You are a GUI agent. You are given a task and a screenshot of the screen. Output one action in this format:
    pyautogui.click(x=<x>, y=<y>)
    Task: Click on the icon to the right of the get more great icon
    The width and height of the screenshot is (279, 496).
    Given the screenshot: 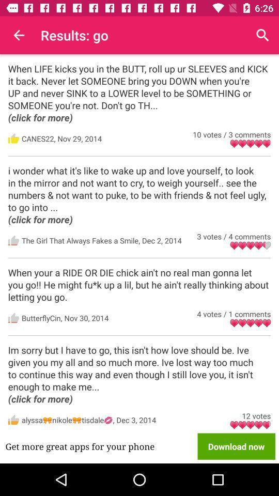 What is the action you would take?
    pyautogui.click(x=236, y=446)
    